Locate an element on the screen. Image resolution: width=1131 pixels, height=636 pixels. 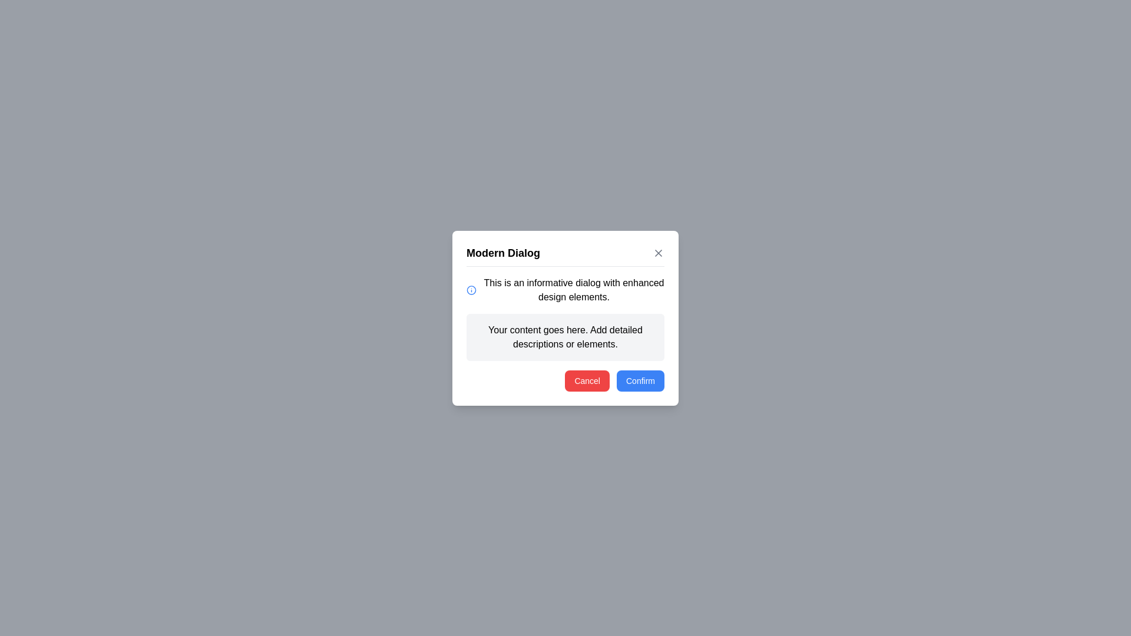
the cancel button located at the bottom left of the dialog box is located at coordinates (587, 380).